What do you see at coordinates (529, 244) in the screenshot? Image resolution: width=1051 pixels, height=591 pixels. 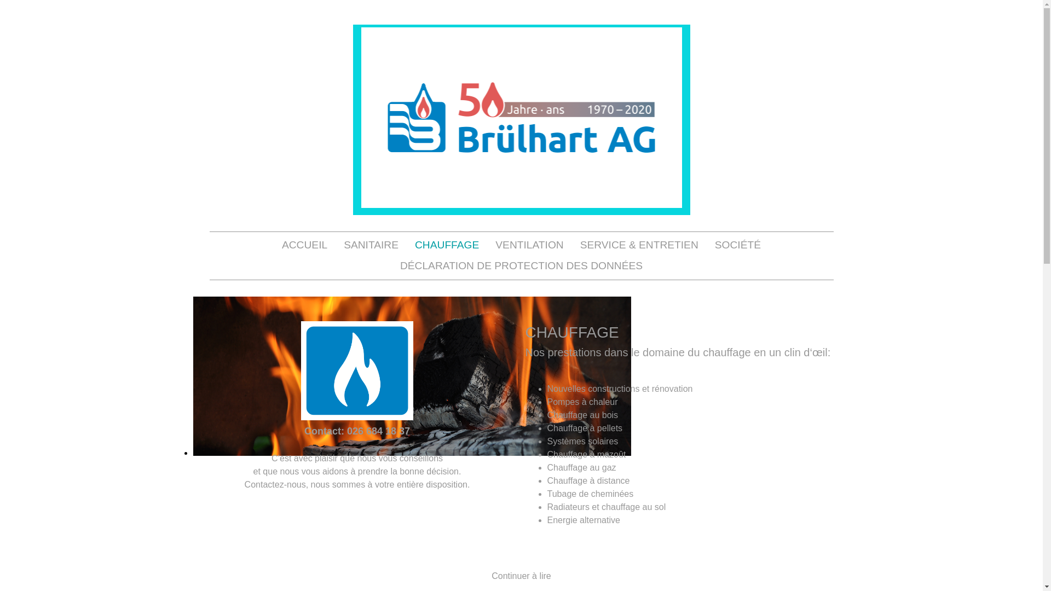 I see `'VENTILATION'` at bounding box center [529, 244].